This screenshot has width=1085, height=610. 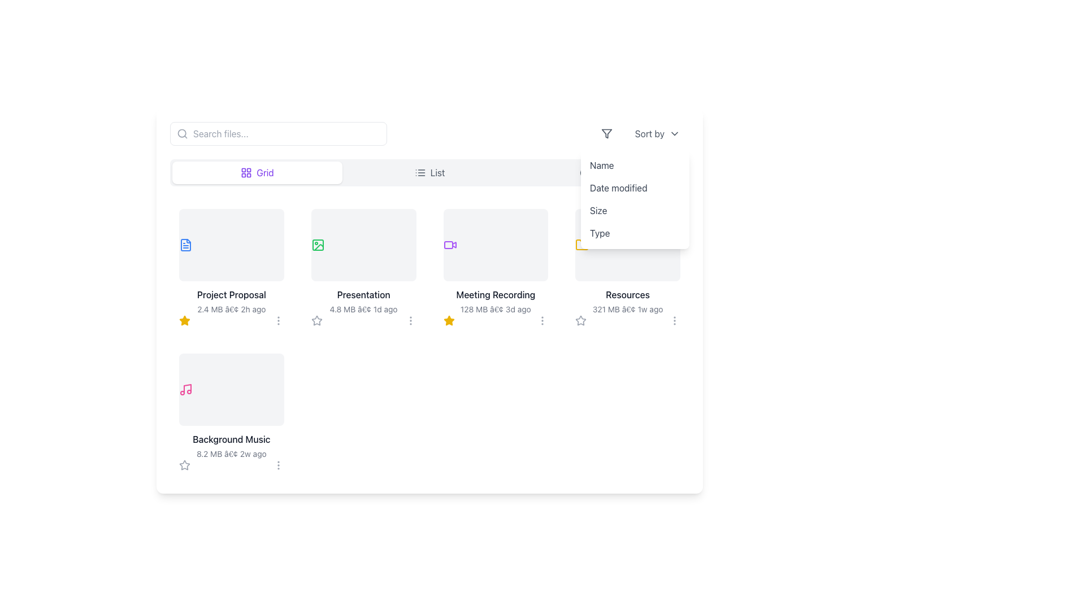 I want to click on the star-shaped icon located, so click(x=184, y=465).